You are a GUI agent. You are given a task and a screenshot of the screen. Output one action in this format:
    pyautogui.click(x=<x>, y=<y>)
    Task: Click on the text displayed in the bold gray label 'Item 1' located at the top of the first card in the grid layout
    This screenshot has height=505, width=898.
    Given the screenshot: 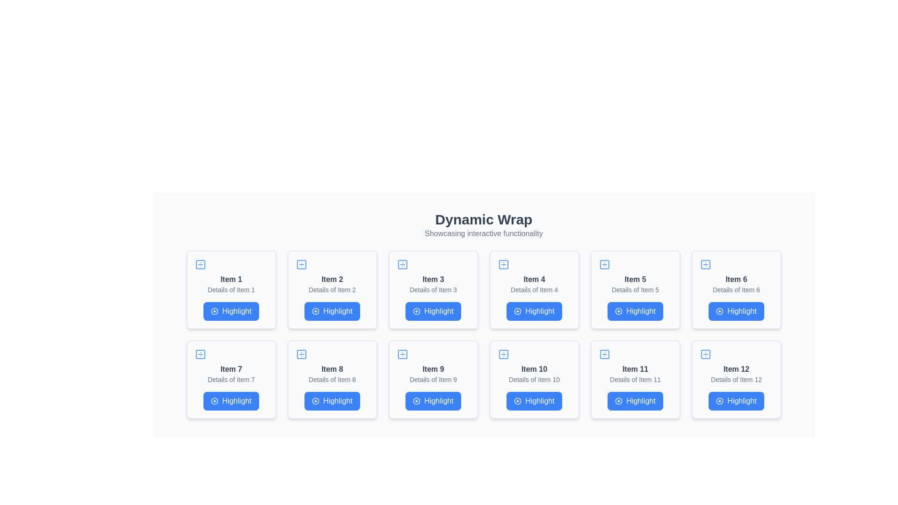 What is the action you would take?
    pyautogui.click(x=231, y=279)
    